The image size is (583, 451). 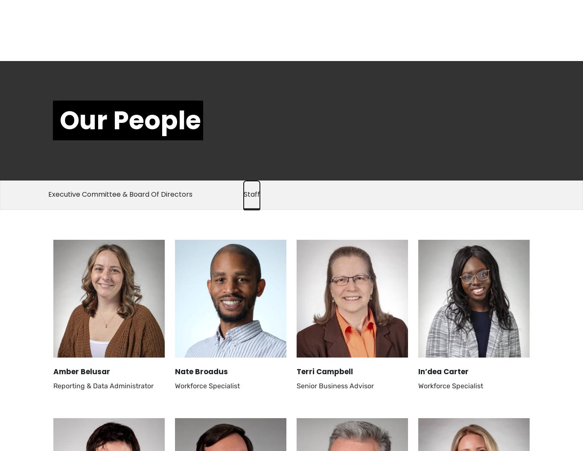 I want to click on 'Director, Coaching & Development', so click(x=351, y=418).